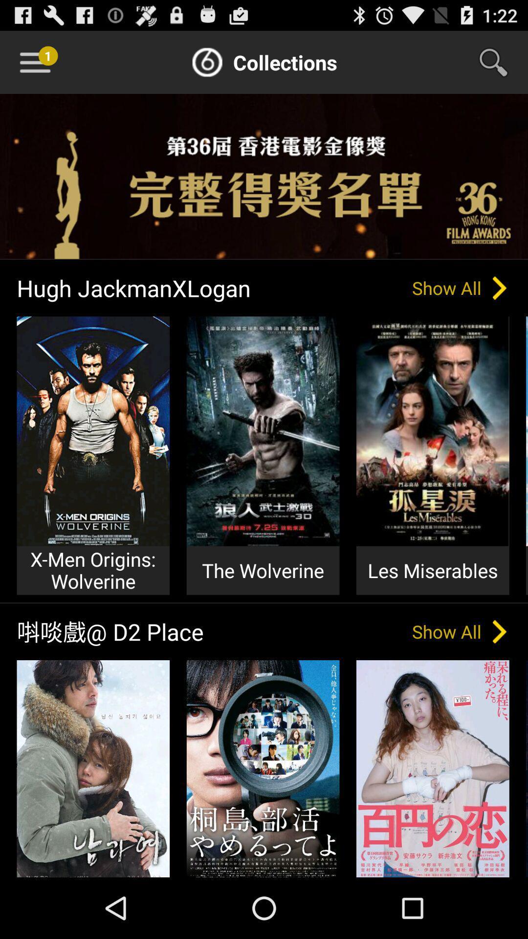  What do you see at coordinates (500, 62) in the screenshot?
I see `search` at bounding box center [500, 62].